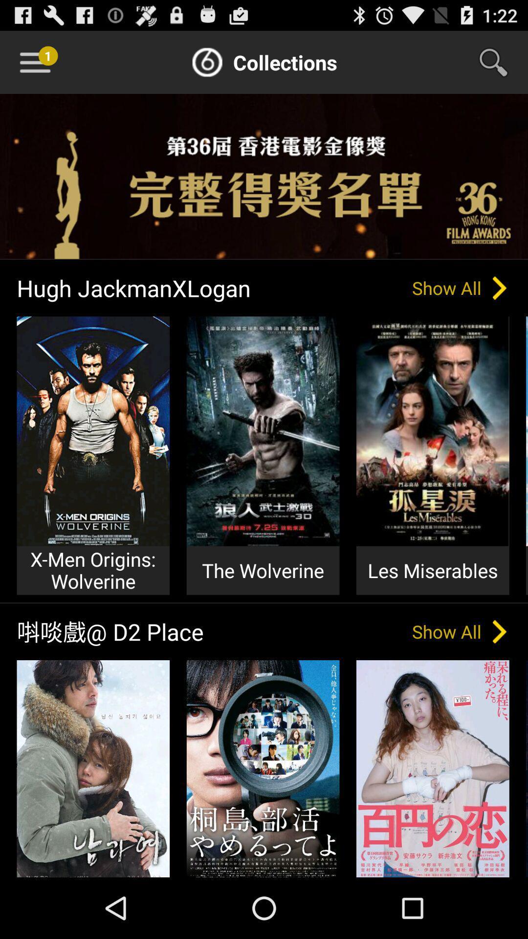  What do you see at coordinates (500, 62) in the screenshot?
I see `search` at bounding box center [500, 62].